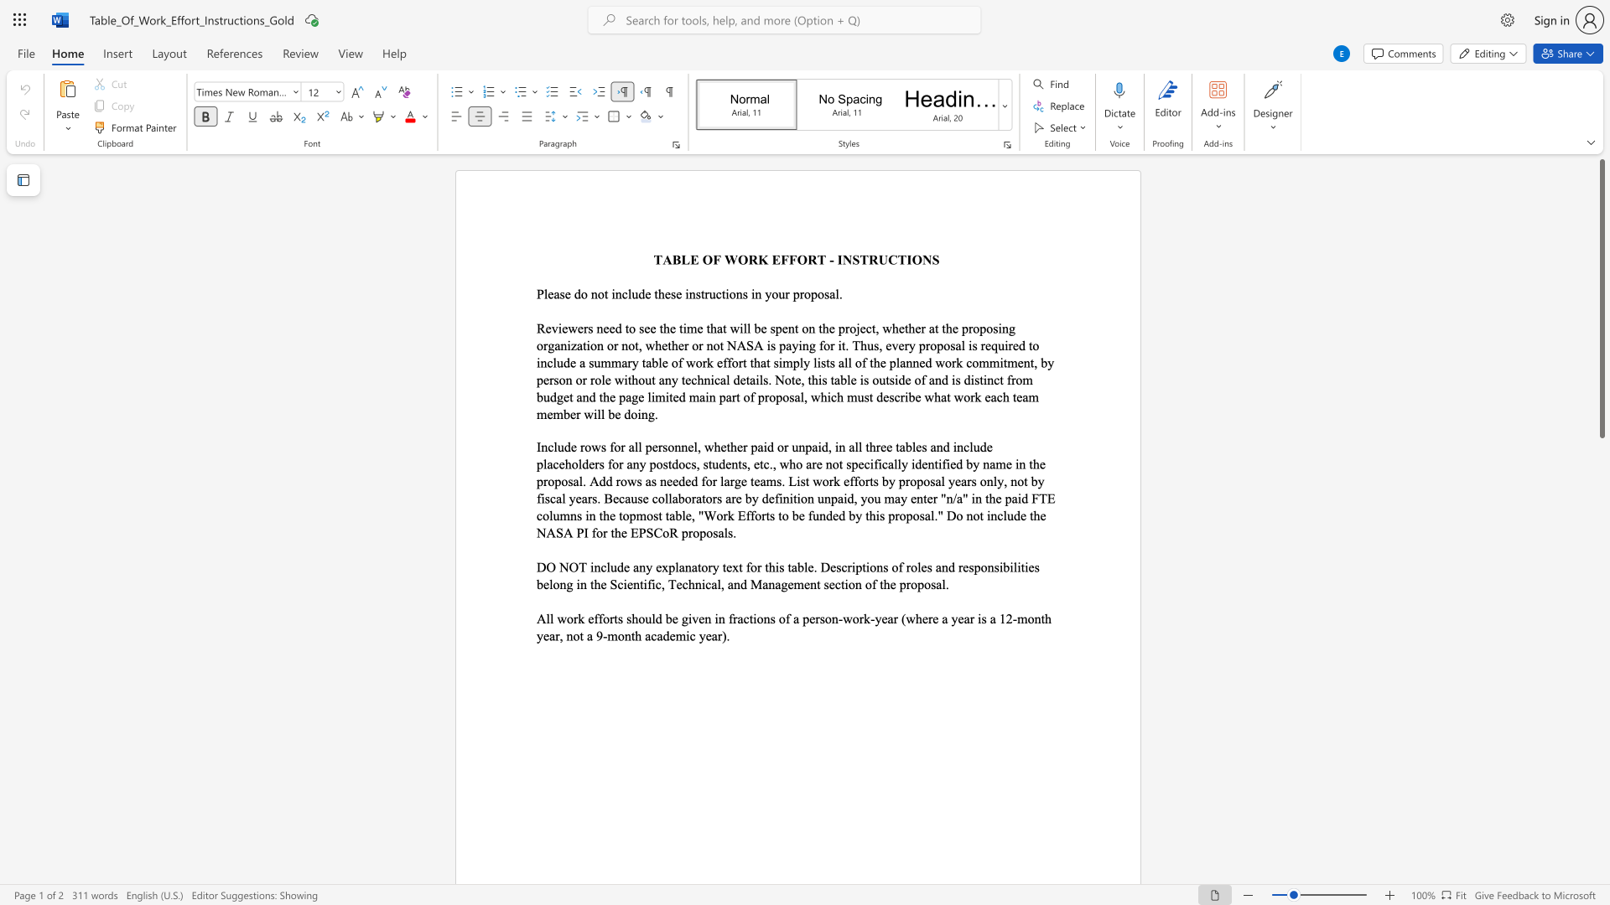  Describe the element at coordinates (1601, 794) in the screenshot. I see `the scrollbar to scroll downward` at that location.